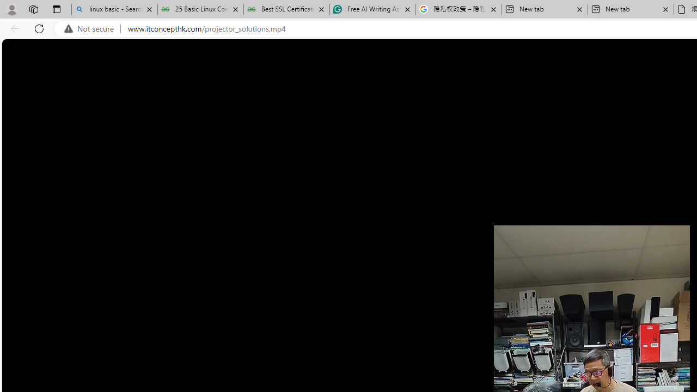 The width and height of the screenshot is (697, 392). Describe the element at coordinates (372, 9) in the screenshot. I see `'Free AI Writing Assistance for Students | Grammarly'` at that location.